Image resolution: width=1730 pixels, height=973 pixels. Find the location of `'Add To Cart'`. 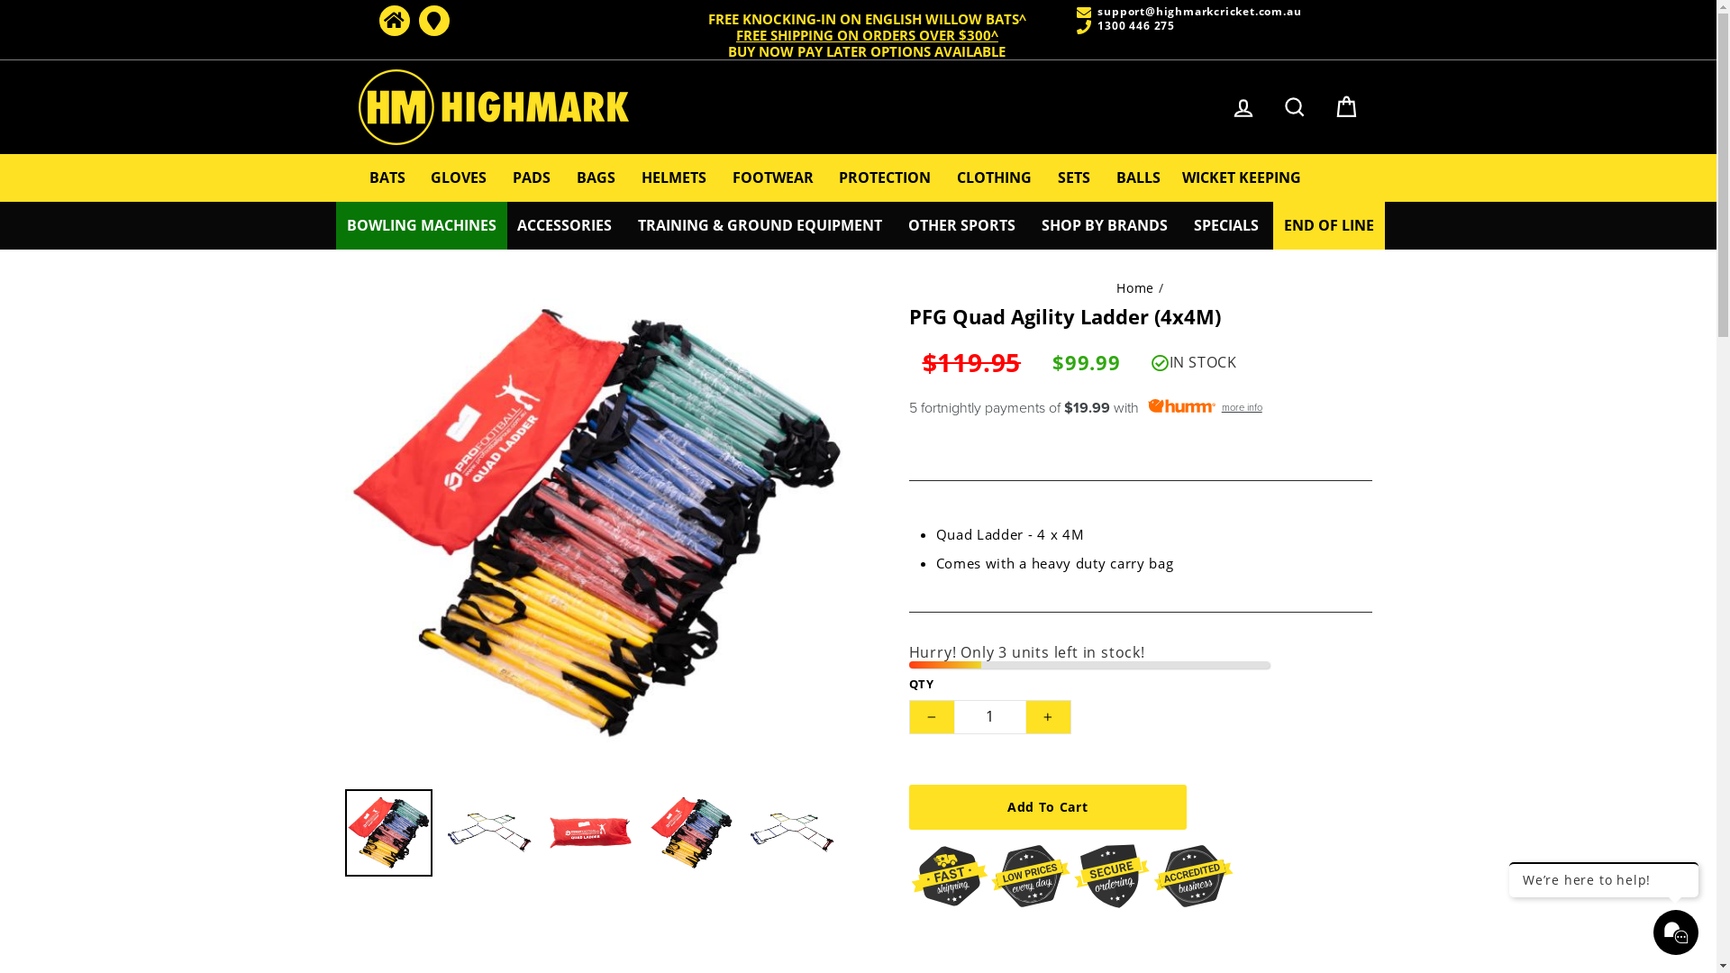

'Add To Cart' is located at coordinates (1046, 805).